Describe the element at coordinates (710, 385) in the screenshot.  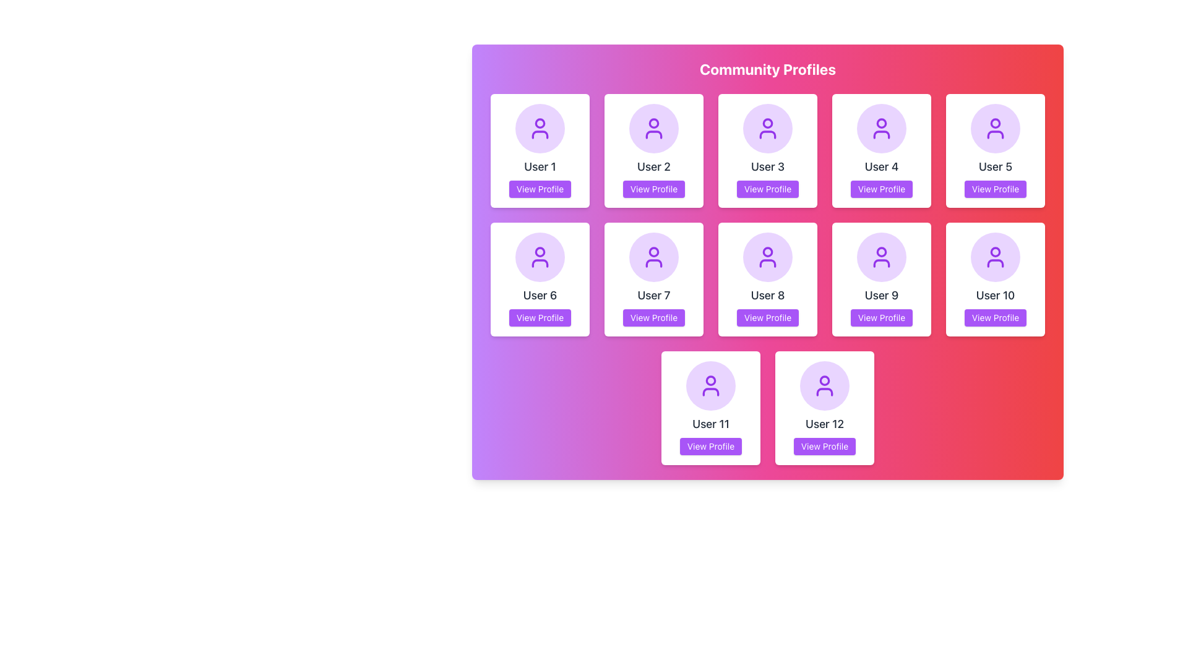
I see `the purple circular user icon located at the top of the 'User 11' profile card, which features a user icon with a round head and semi-circle body` at that location.